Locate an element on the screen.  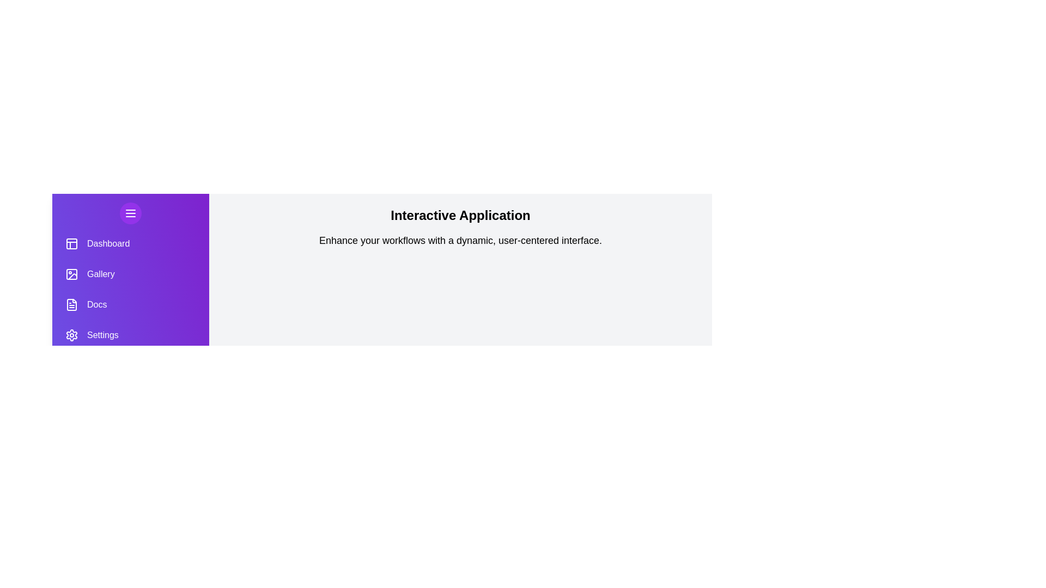
the menu button to toggle the drawer is located at coordinates (131, 213).